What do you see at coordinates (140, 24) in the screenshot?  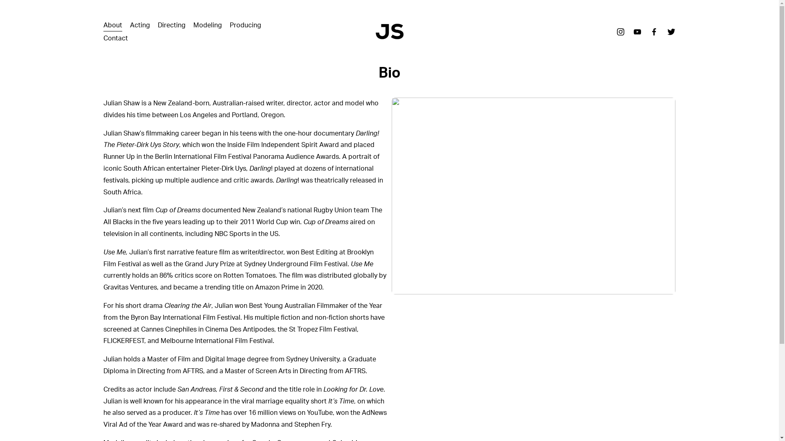 I see `'Acting'` at bounding box center [140, 24].